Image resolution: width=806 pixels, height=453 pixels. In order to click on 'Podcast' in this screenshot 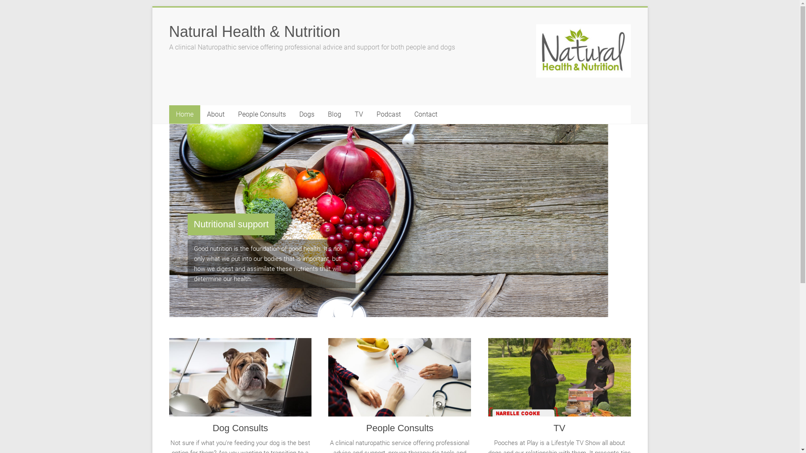, I will do `click(388, 115)`.